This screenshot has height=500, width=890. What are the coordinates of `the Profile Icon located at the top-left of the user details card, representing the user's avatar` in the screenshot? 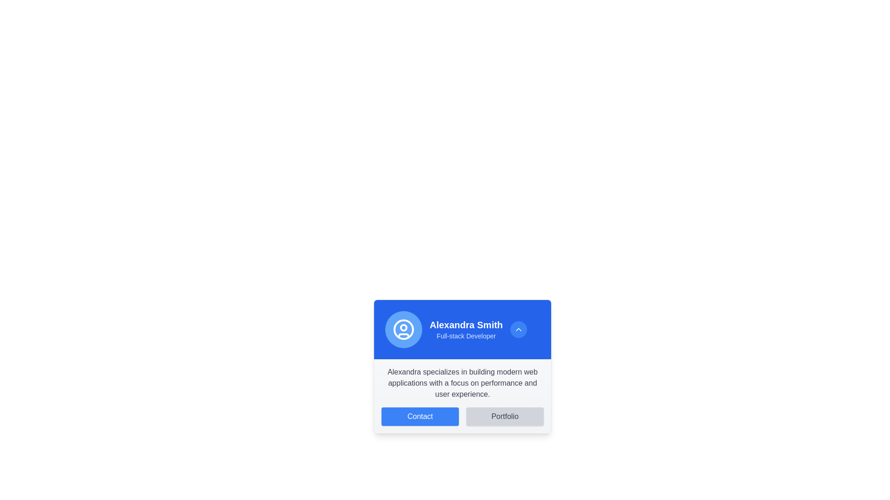 It's located at (403, 329).